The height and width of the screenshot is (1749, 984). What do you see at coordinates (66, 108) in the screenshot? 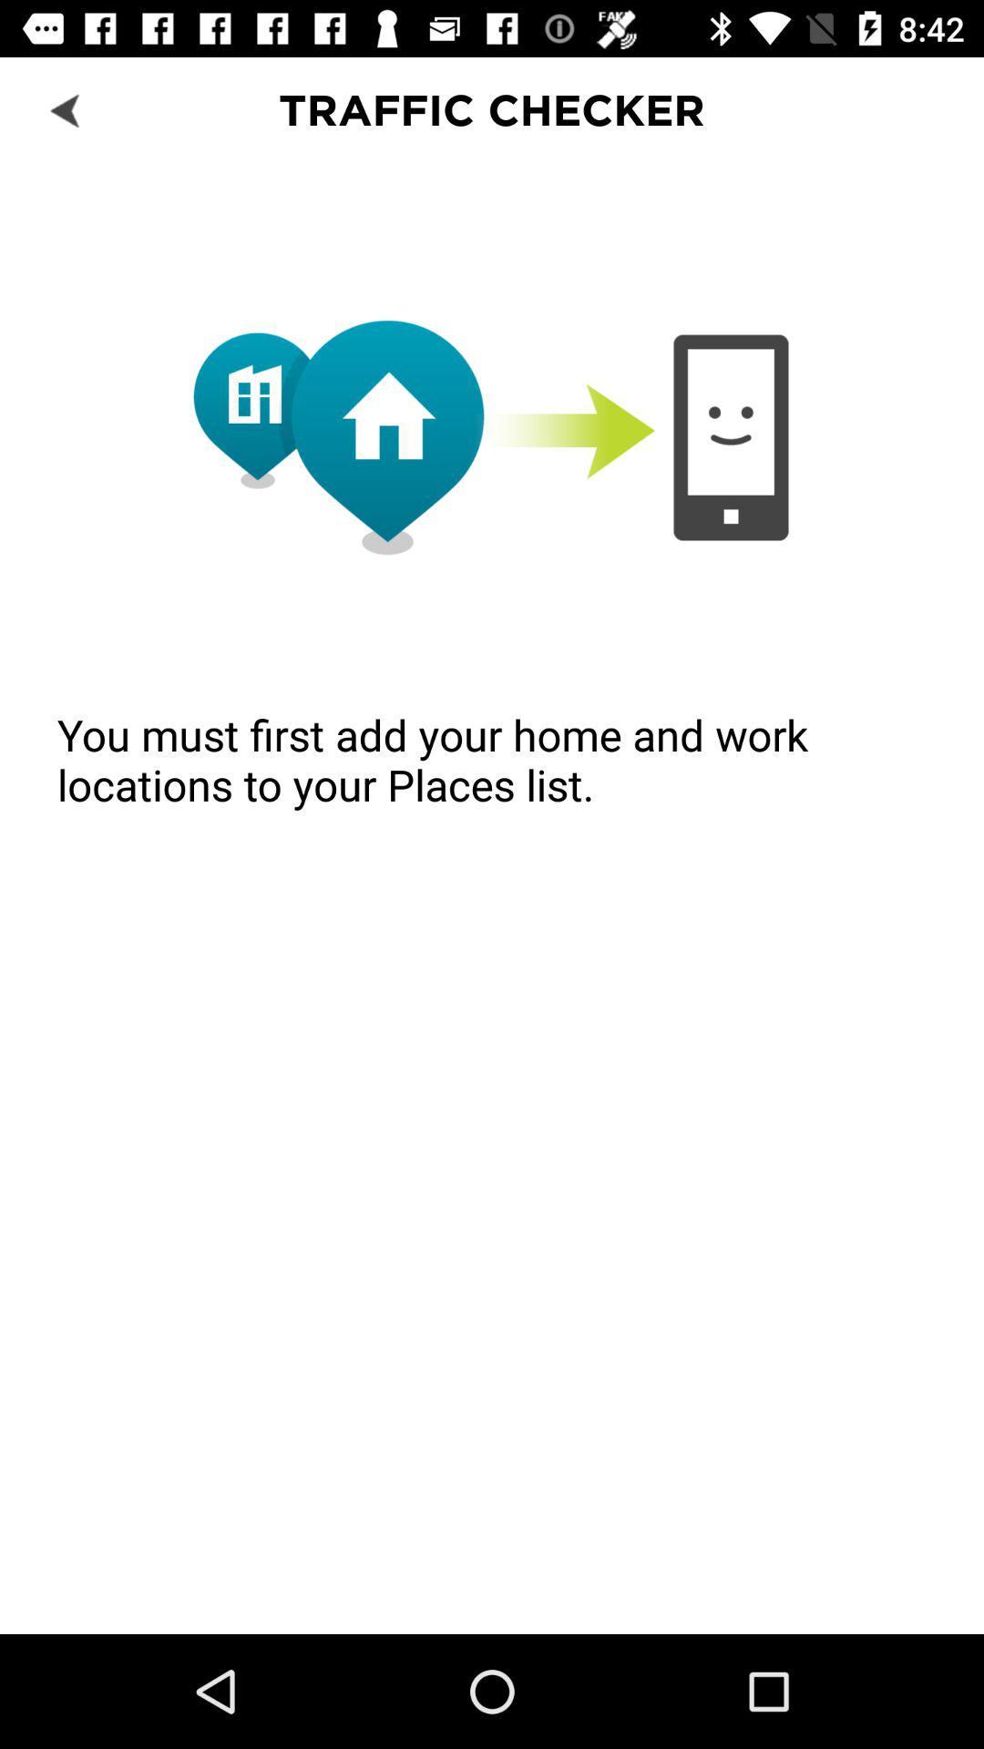
I see `return to the previous screen` at bounding box center [66, 108].